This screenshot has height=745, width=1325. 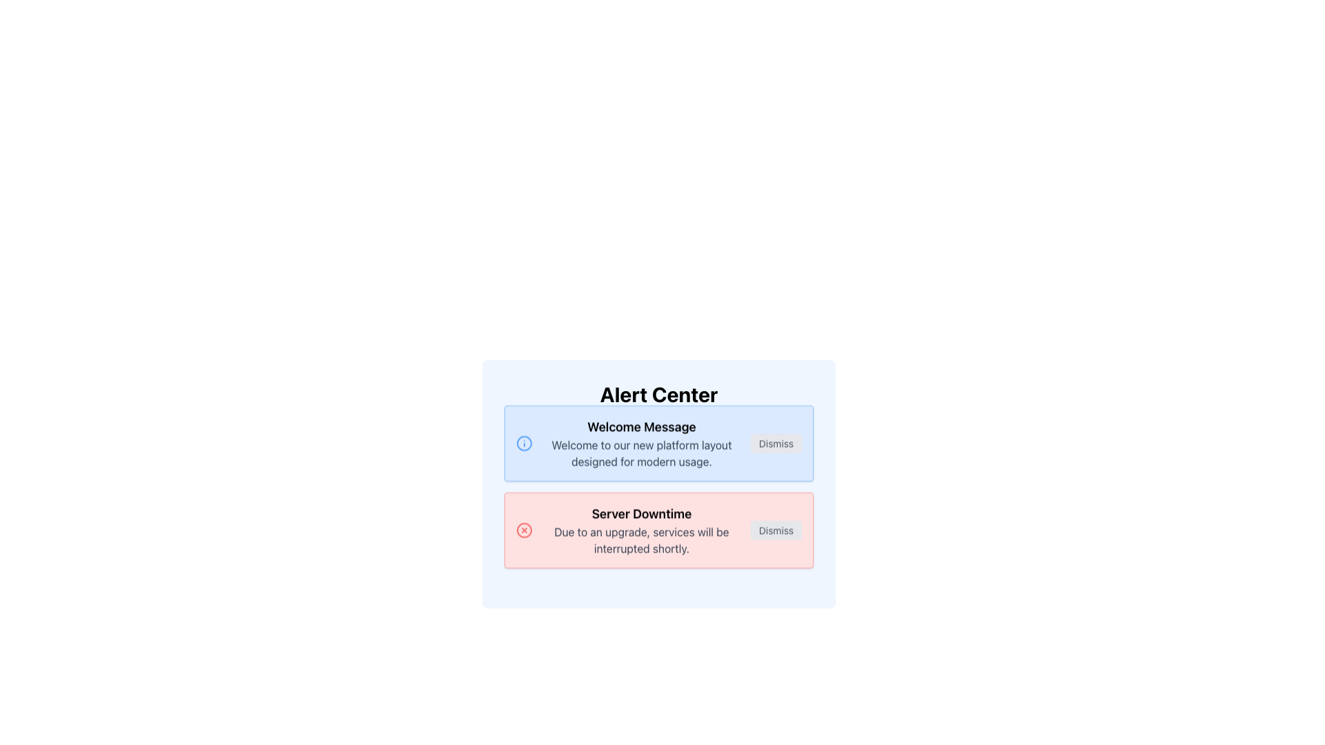 What do you see at coordinates (641, 465) in the screenshot?
I see `text from the 'Welcome Message' label, which provides information about the platform in a friendly and welcoming manner` at bounding box center [641, 465].